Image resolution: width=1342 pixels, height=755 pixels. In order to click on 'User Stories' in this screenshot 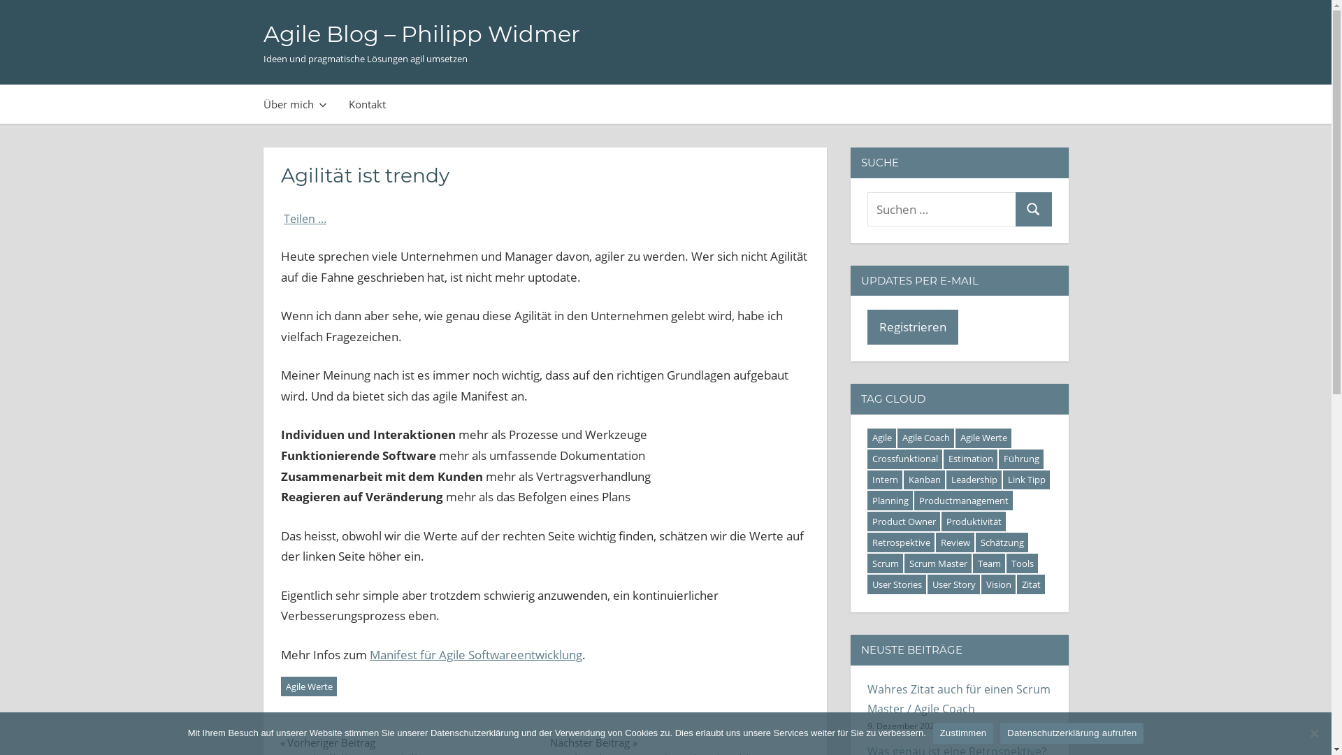, I will do `click(896, 584)`.